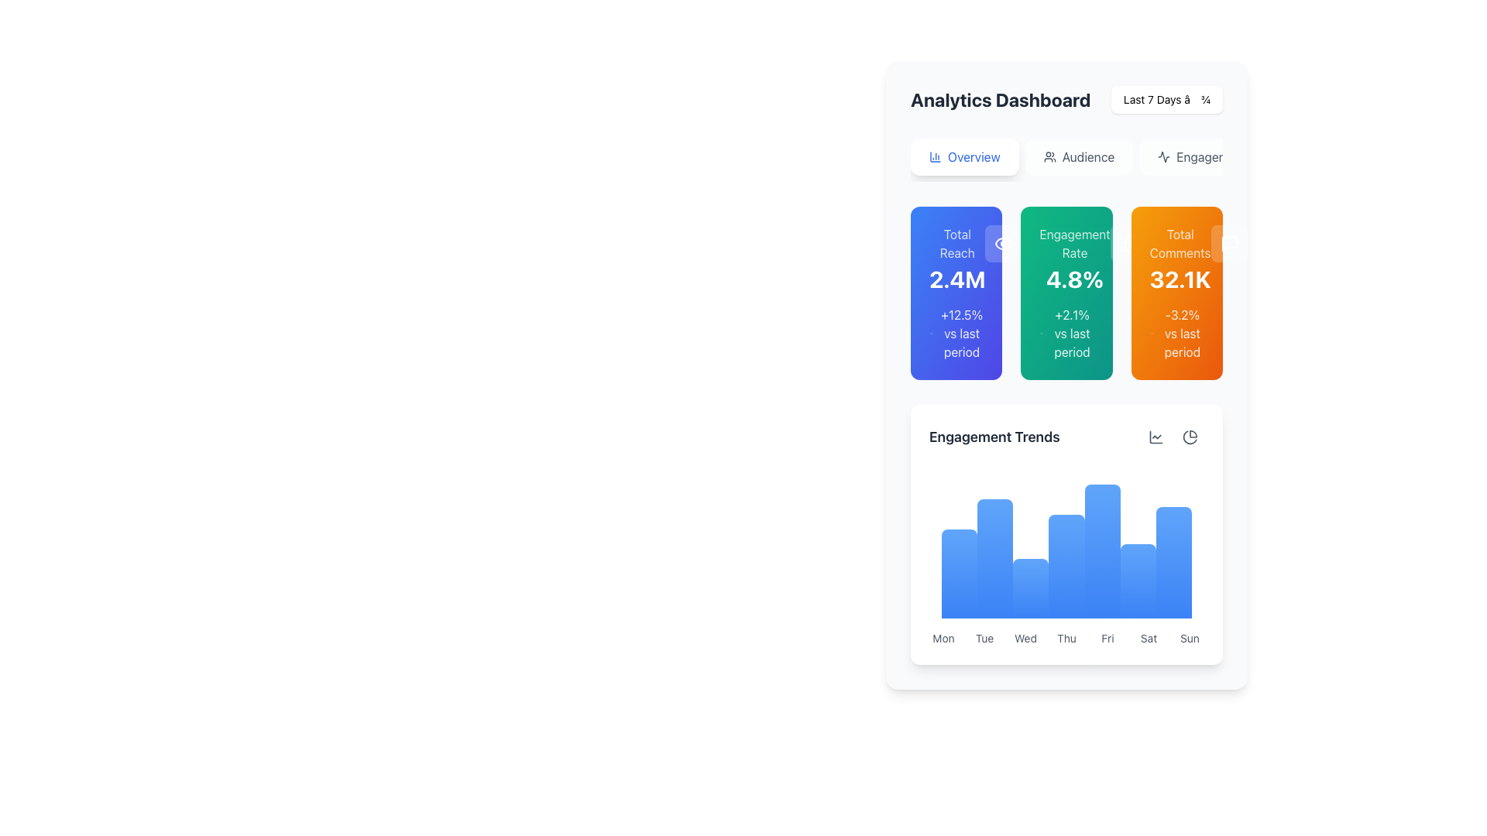 The height and width of the screenshot is (836, 1487). I want to click on the 'Total Reach' text display block, which shows '2.4M' in a large bold font on a blue rectangular card in the top-left section of the dashboard interface, so click(956, 259).